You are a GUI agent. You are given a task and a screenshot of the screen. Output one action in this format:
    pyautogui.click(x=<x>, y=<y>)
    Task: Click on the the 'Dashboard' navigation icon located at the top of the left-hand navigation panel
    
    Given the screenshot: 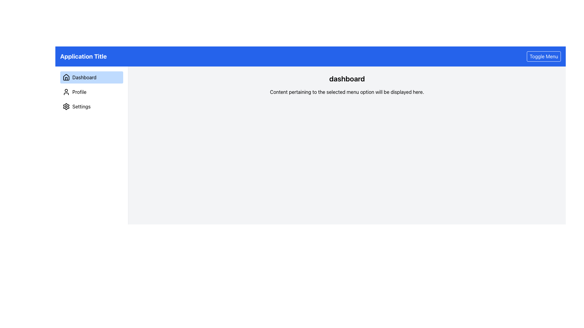 What is the action you would take?
    pyautogui.click(x=66, y=77)
    